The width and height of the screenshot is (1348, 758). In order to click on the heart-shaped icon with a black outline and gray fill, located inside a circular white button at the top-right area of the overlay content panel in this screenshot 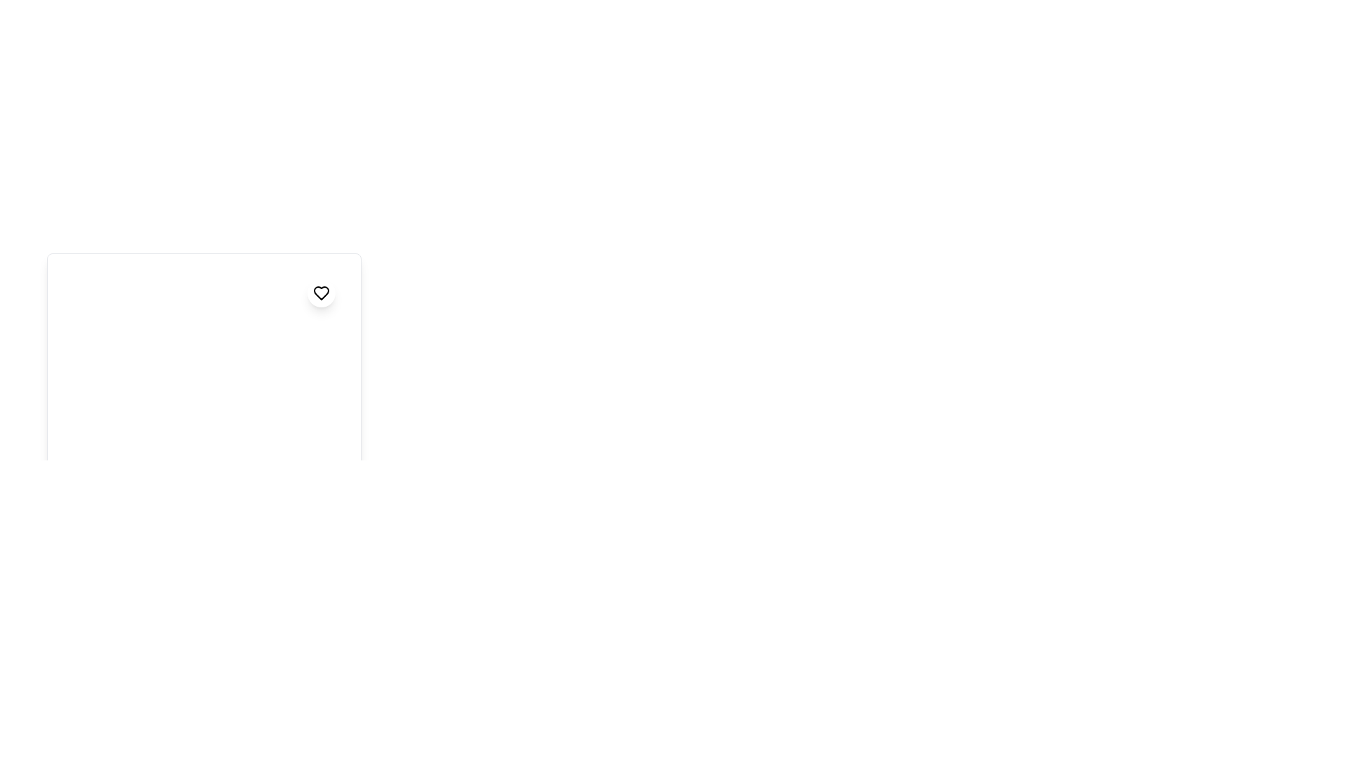, I will do `click(320, 292)`.